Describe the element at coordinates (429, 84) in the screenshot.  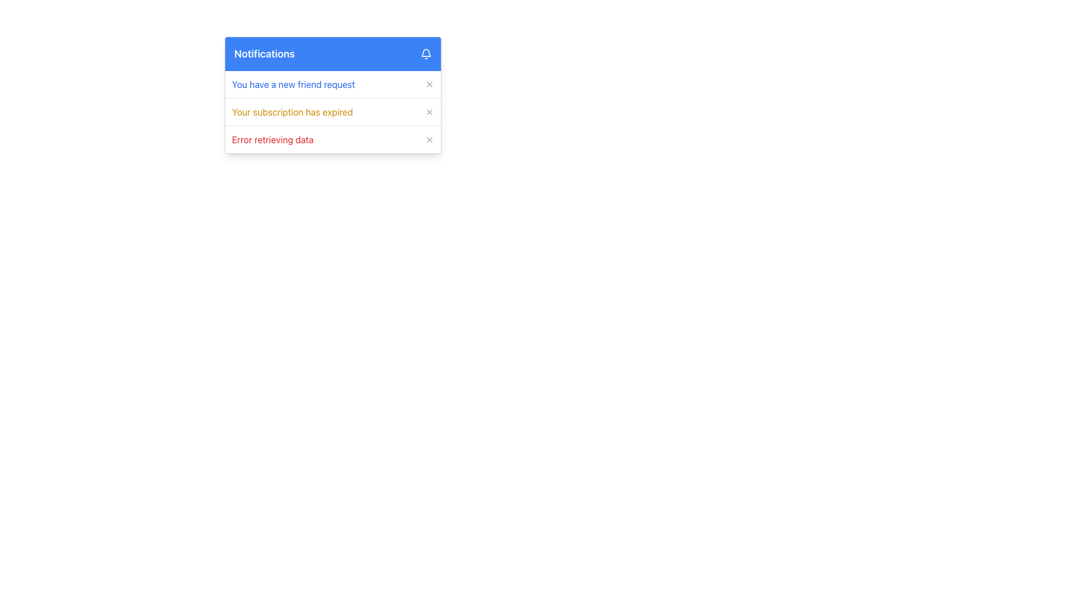
I see `the close button ('X') in the top-right corner of the notification labeled 'You have a new friend request'` at that location.